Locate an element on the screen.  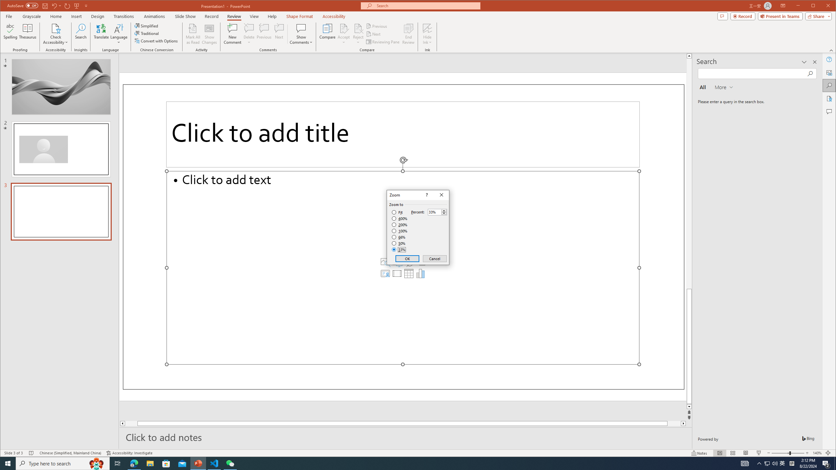
'Previous' is located at coordinates (377, 26).